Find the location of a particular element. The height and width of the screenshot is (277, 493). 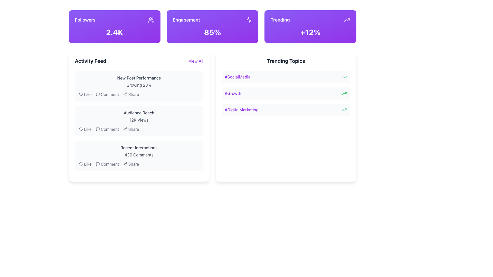

the appearance of the decorative icon located in the engagement section of the top header, positioned between the followers and trending sections is located at coordinates (249, 19).